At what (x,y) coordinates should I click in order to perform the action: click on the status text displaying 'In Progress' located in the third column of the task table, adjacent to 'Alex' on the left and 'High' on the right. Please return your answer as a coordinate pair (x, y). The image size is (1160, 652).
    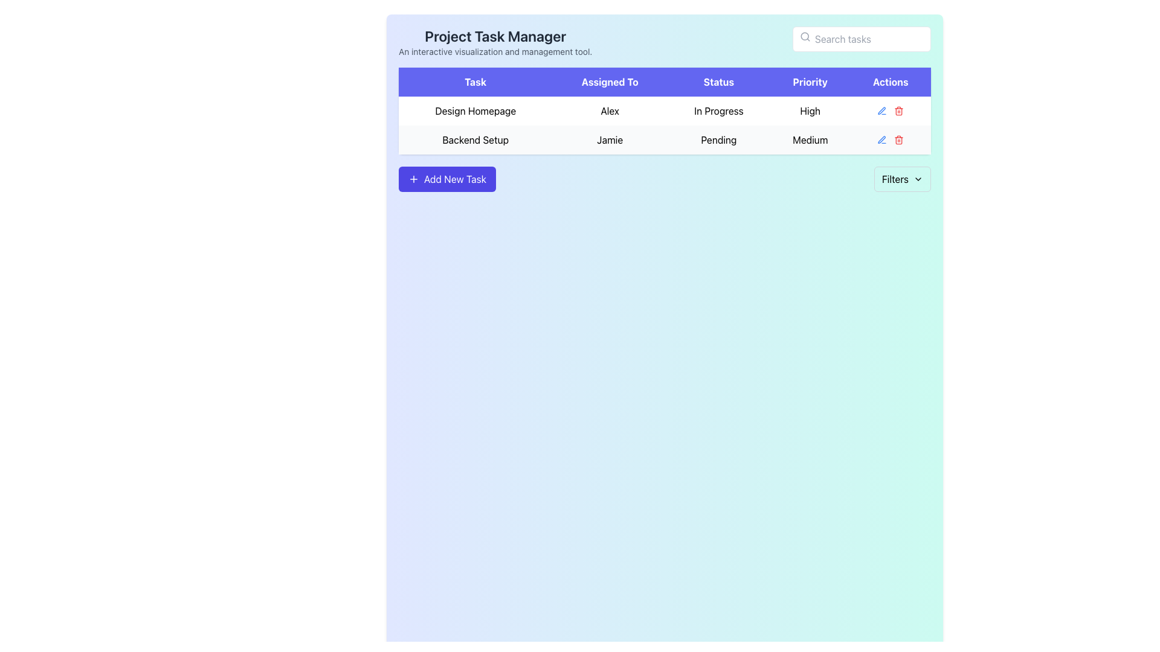
    Looking at the image, I should click on (718, 111).